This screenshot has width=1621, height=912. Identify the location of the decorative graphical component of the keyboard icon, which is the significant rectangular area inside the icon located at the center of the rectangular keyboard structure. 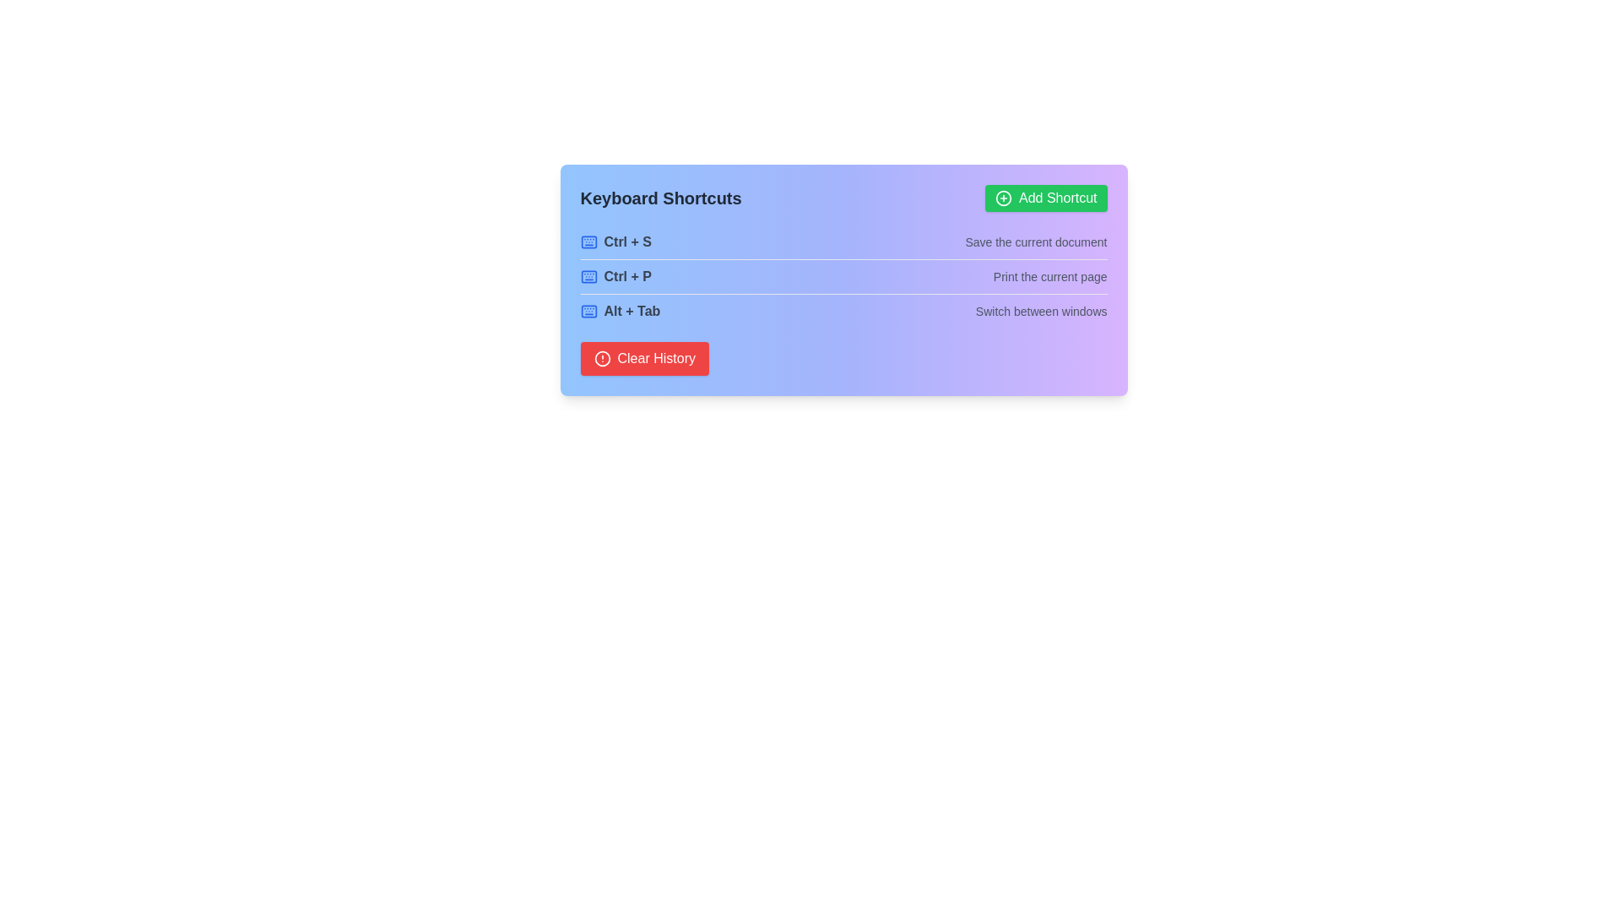
(588, 275).